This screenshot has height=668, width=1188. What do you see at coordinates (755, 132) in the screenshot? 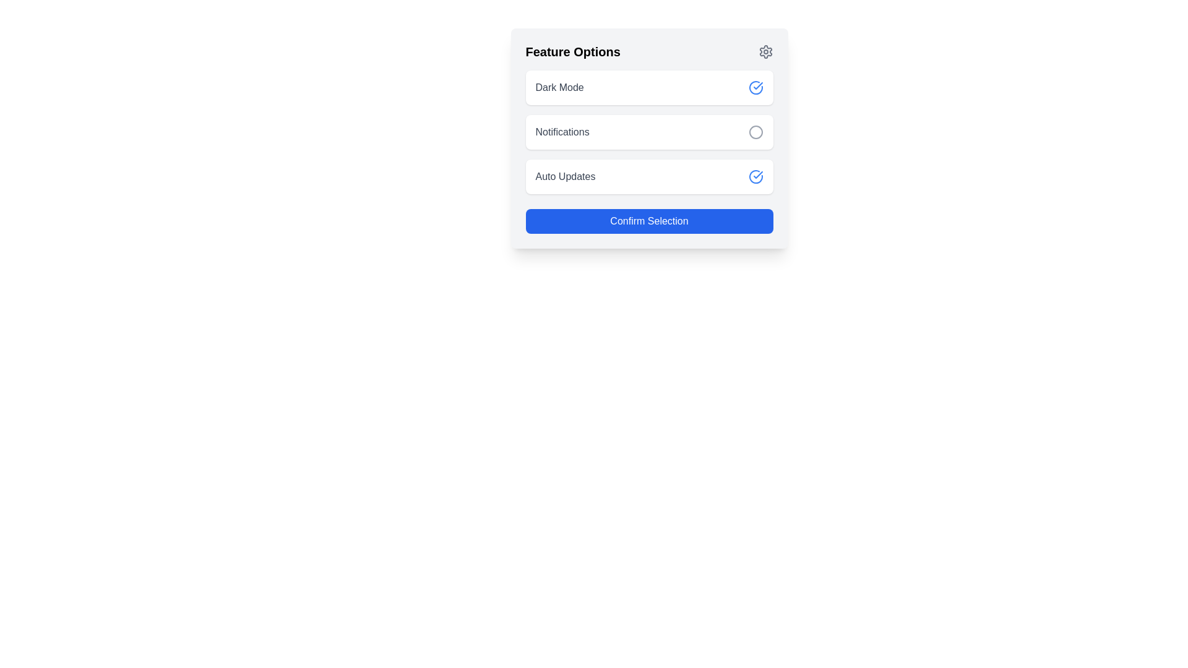
I see `the Notifications icon, which is a circular design indicating the current state of the Notifications setting, located to the right of the Notifications label text` at bounding box center [755, 132].